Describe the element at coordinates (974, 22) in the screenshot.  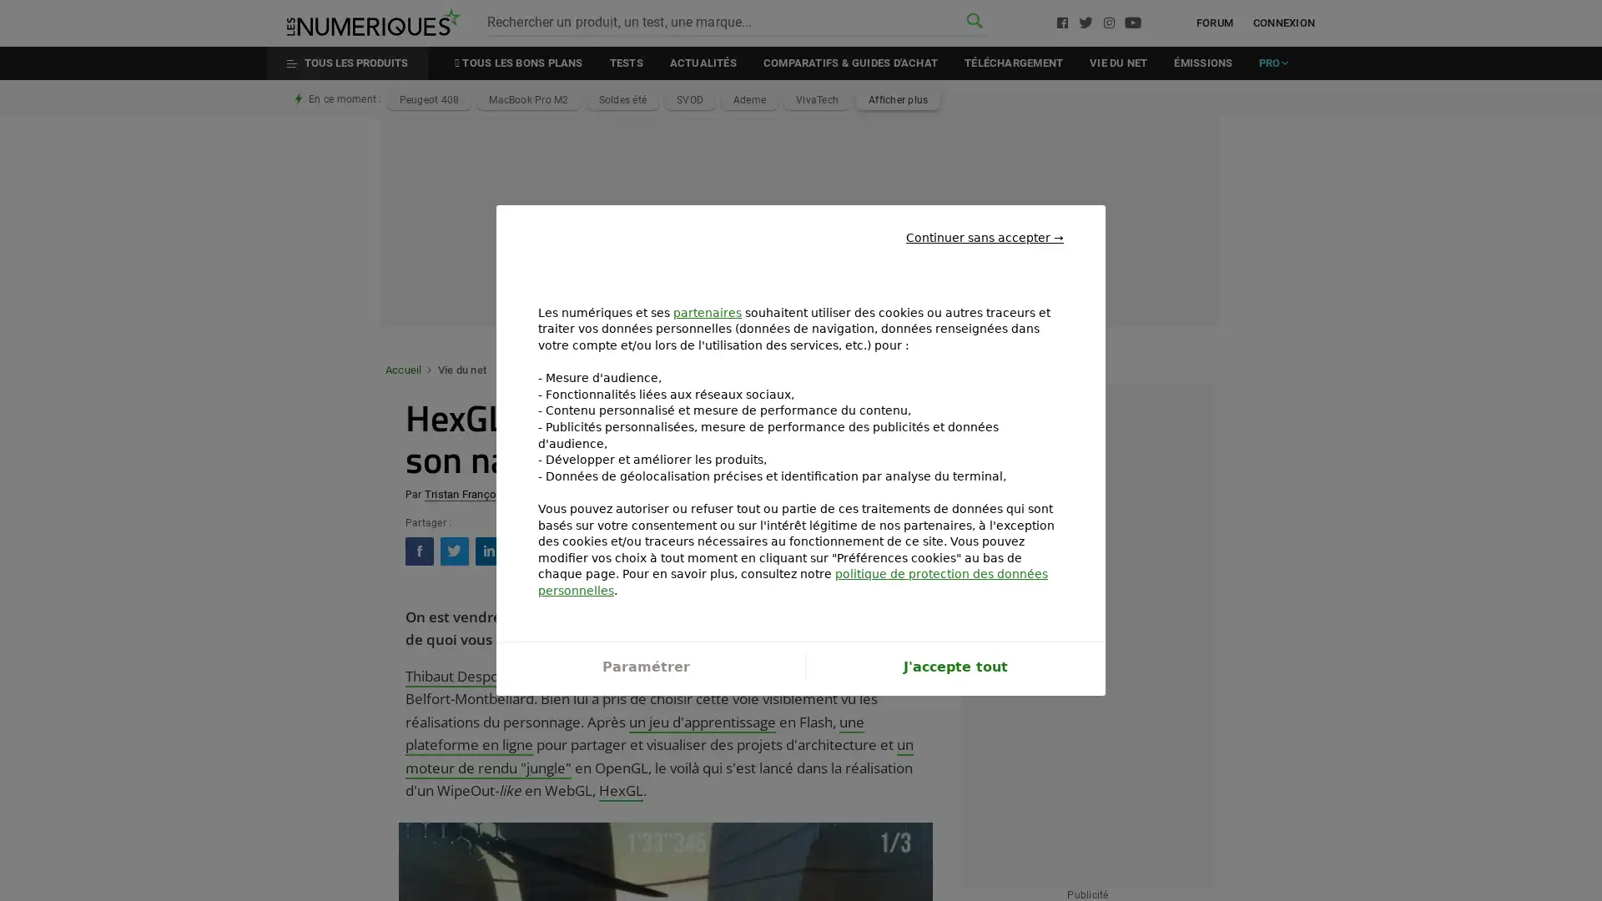
I see `Lancer la recherche` at that location.